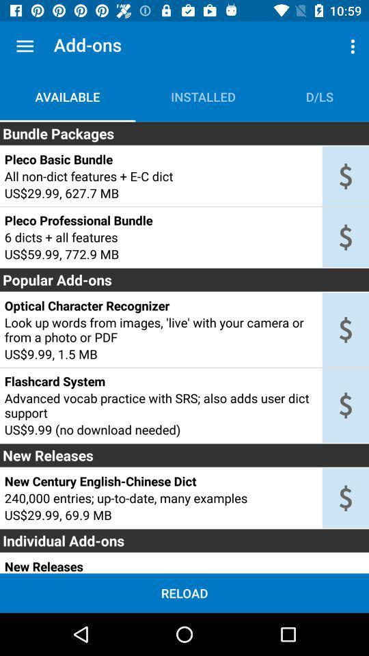 The width and height of the screenshot is (369, 656). What do you see at coordinates (160, 305) in the screenshot?
I see `the icon above the look up words item` at bounding box center [160, 305].